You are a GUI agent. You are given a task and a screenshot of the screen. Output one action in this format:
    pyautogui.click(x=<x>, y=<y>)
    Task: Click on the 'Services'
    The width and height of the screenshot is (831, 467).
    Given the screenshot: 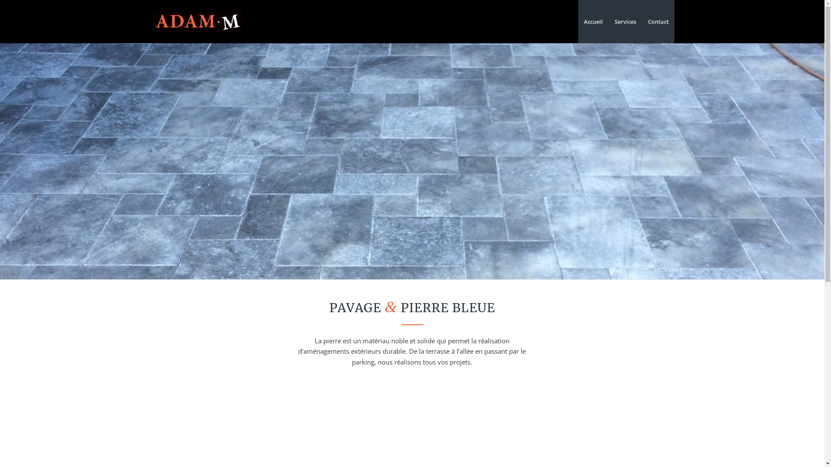 What is the action you would take?
    pyautogui.click(x=625, y=21)
    